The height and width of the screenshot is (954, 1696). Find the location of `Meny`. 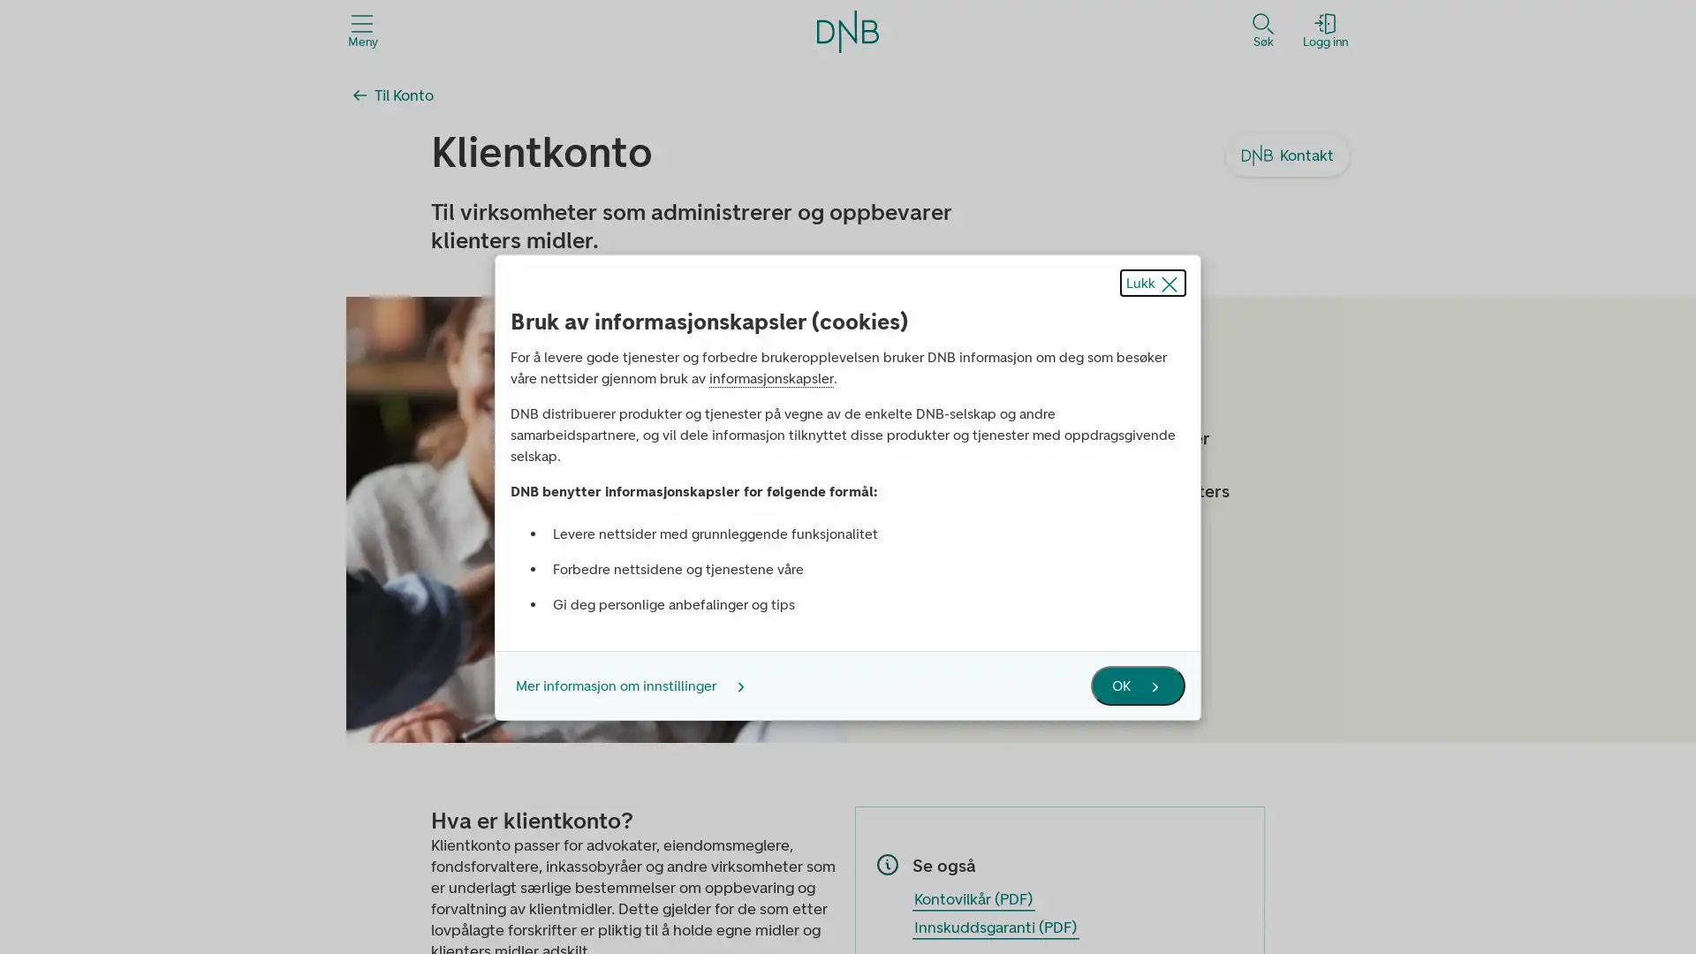

Meny is located at coordinates (361, 30).